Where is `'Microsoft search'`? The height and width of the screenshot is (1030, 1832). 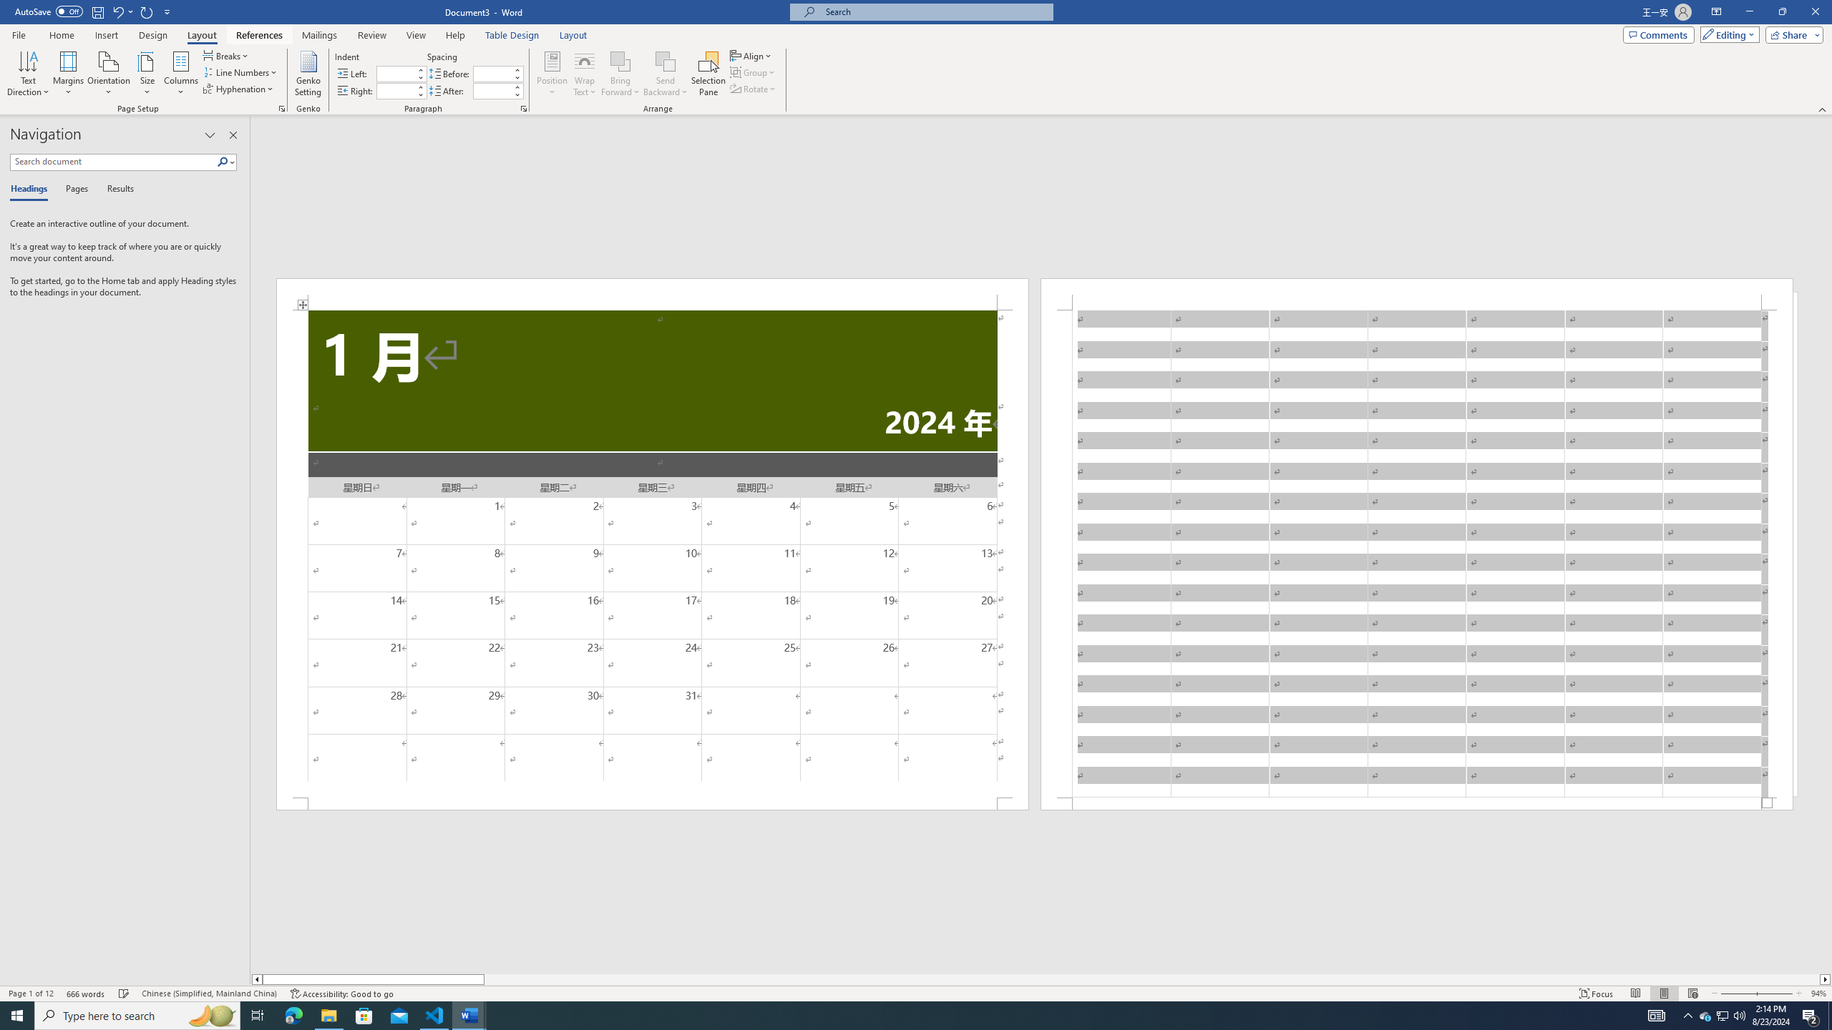 'Microsoft search' is located at coordinates (933, 11).